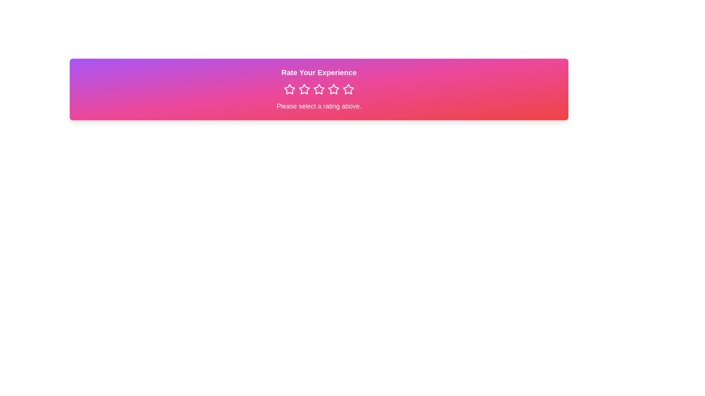 The height and width of the screenshot is (396, 705). I want to click on the fourth star icon in the rating interface, so click(348, 89).